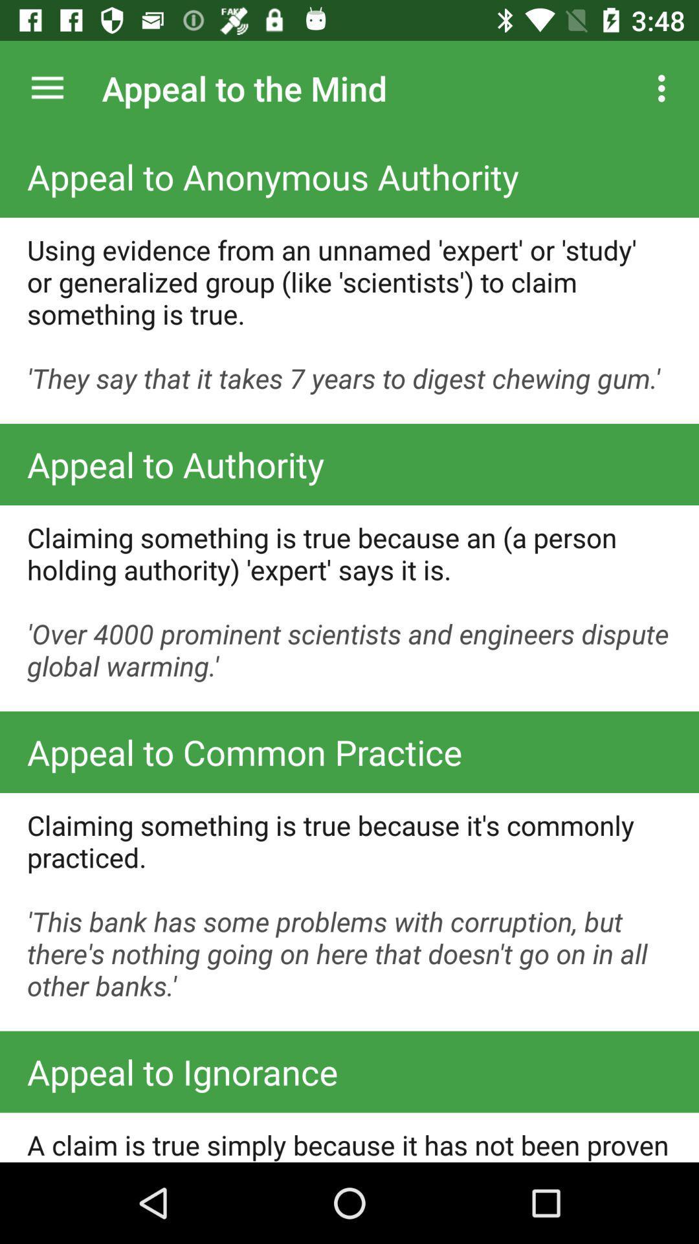 This screenshot has width=699, height=1244. I want to click on icon at the top right corner, so click(665, 87).